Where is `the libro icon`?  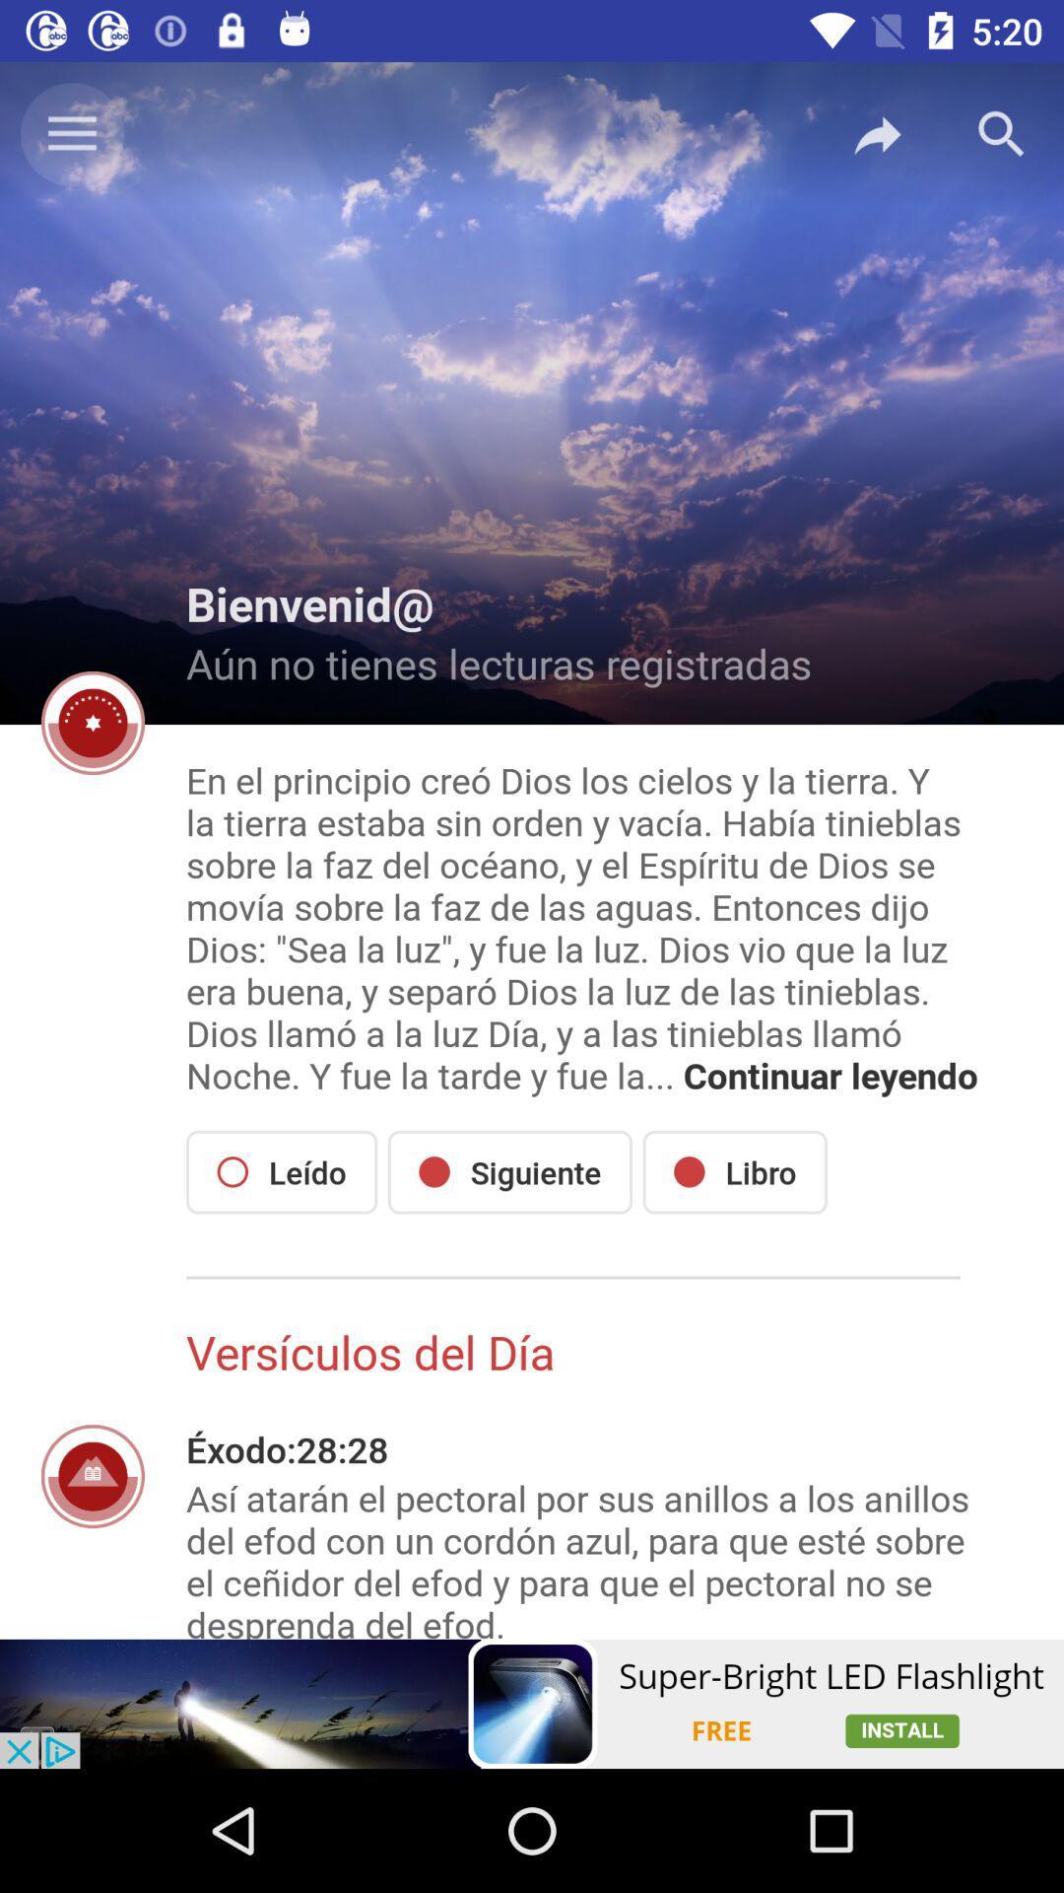
the libro icon is located at coordinates (735, 1172).